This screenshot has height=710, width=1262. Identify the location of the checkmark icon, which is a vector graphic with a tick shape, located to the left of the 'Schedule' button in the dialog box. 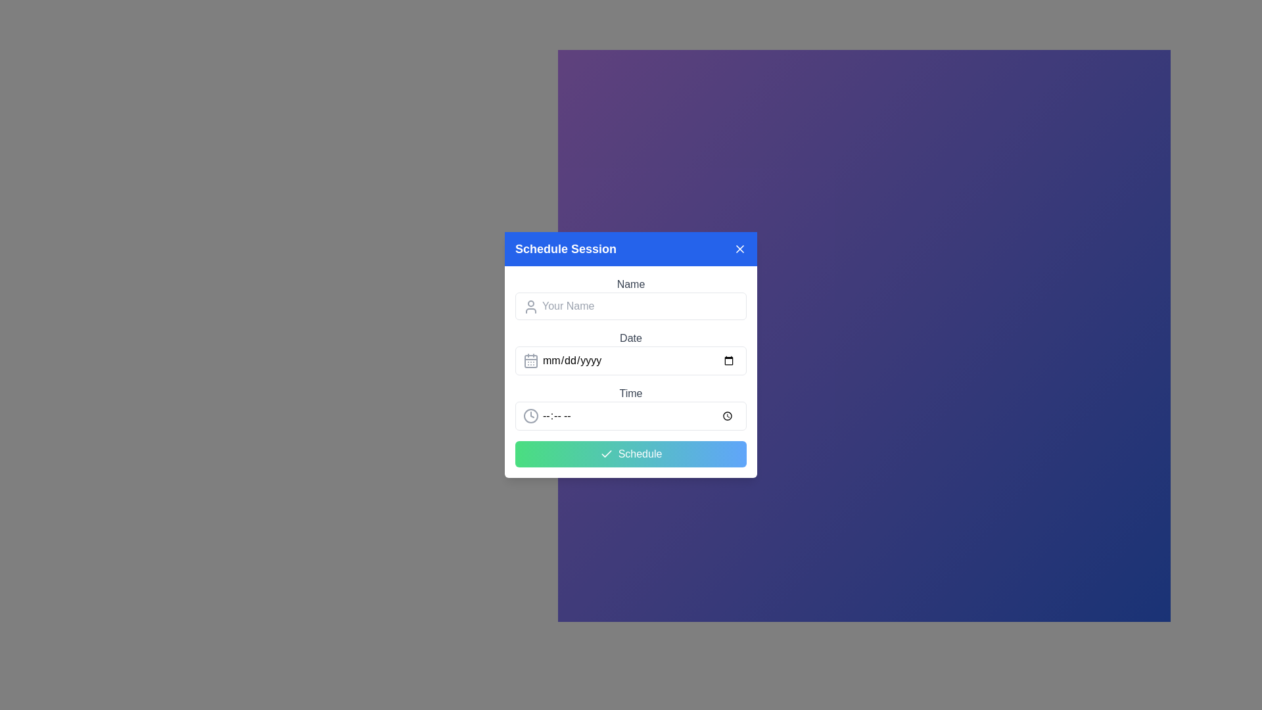
(605, 453).